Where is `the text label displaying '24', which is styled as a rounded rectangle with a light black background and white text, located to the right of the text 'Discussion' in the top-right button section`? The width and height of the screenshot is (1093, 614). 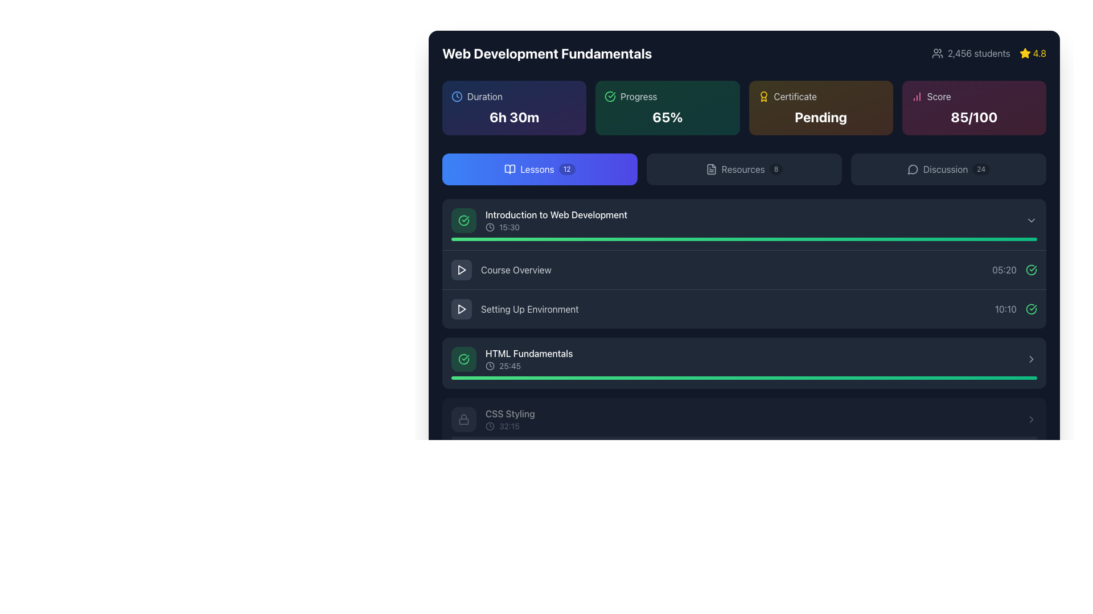
the text label displaying '24', which is styled as a rounded rectangle with a light black background and white text, located to the right of the text 'Discussion' in the top-right button section is located at coordinates (980, 169).